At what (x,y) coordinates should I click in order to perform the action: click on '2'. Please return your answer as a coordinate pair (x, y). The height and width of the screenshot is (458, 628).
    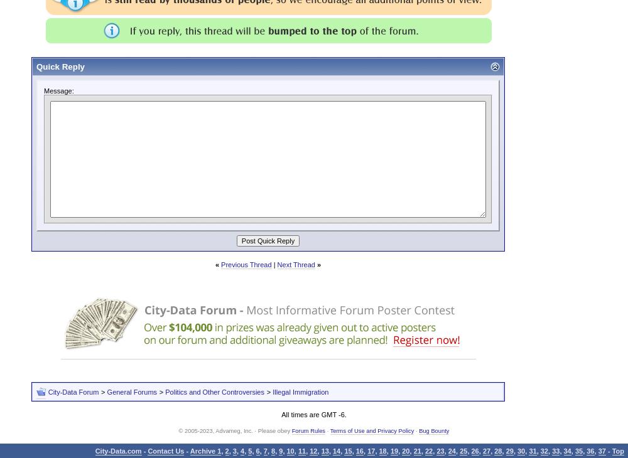
    Looking at the image, I should click on (226, 450).